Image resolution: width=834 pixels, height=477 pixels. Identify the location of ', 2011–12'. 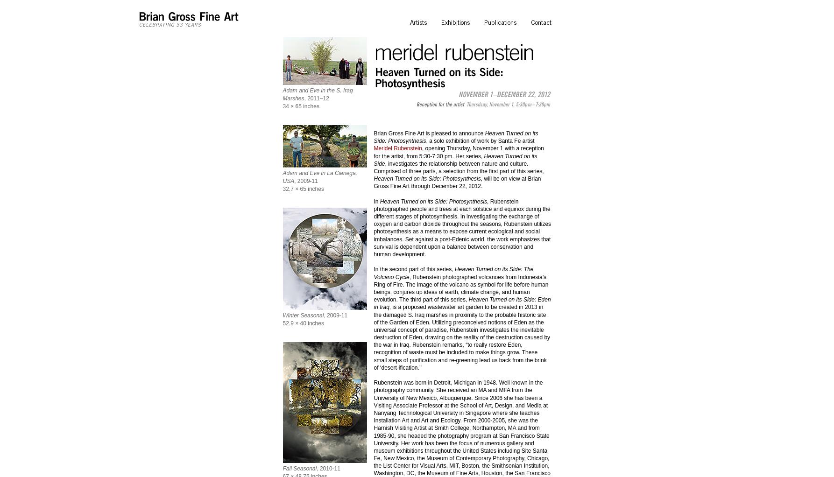
(304, 98).